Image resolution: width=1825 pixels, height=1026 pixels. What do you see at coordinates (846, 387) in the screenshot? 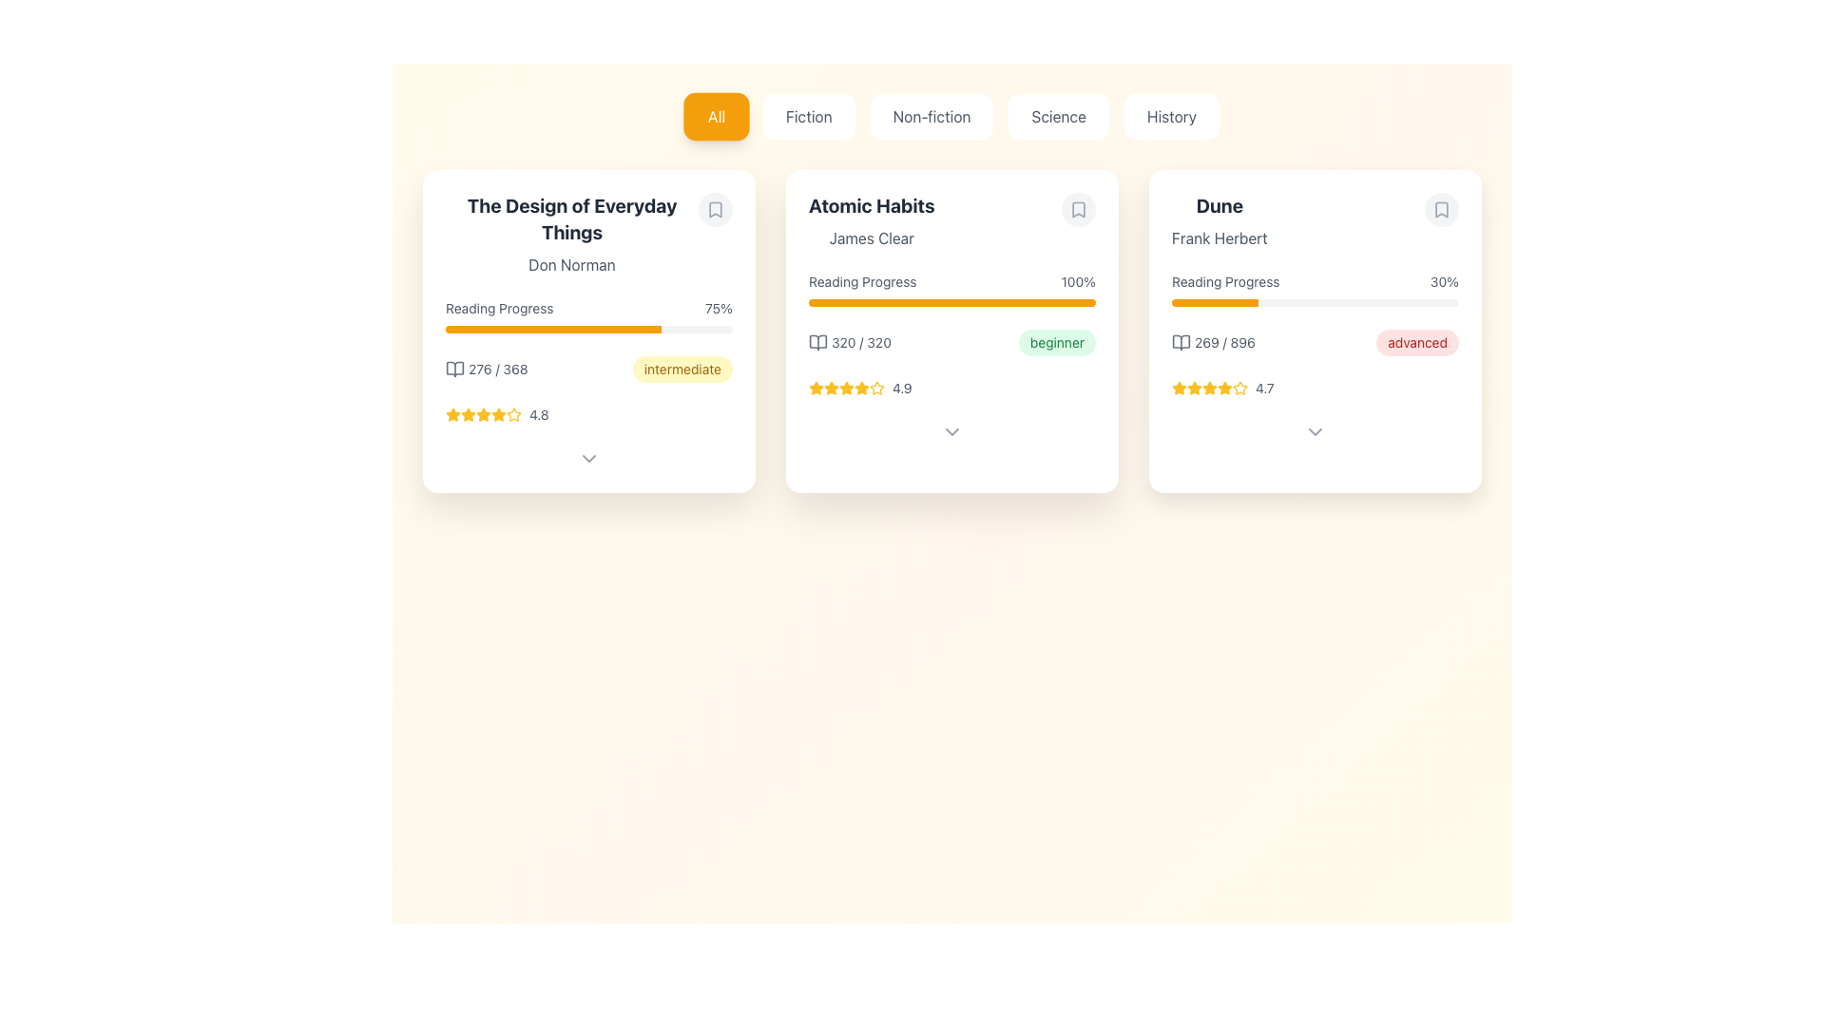
I see `the fifth filled star in the rating system for the card labeled 'Atomic Habits' by James Clear, located below the reading progress bar` at bounding box center [846, 387].